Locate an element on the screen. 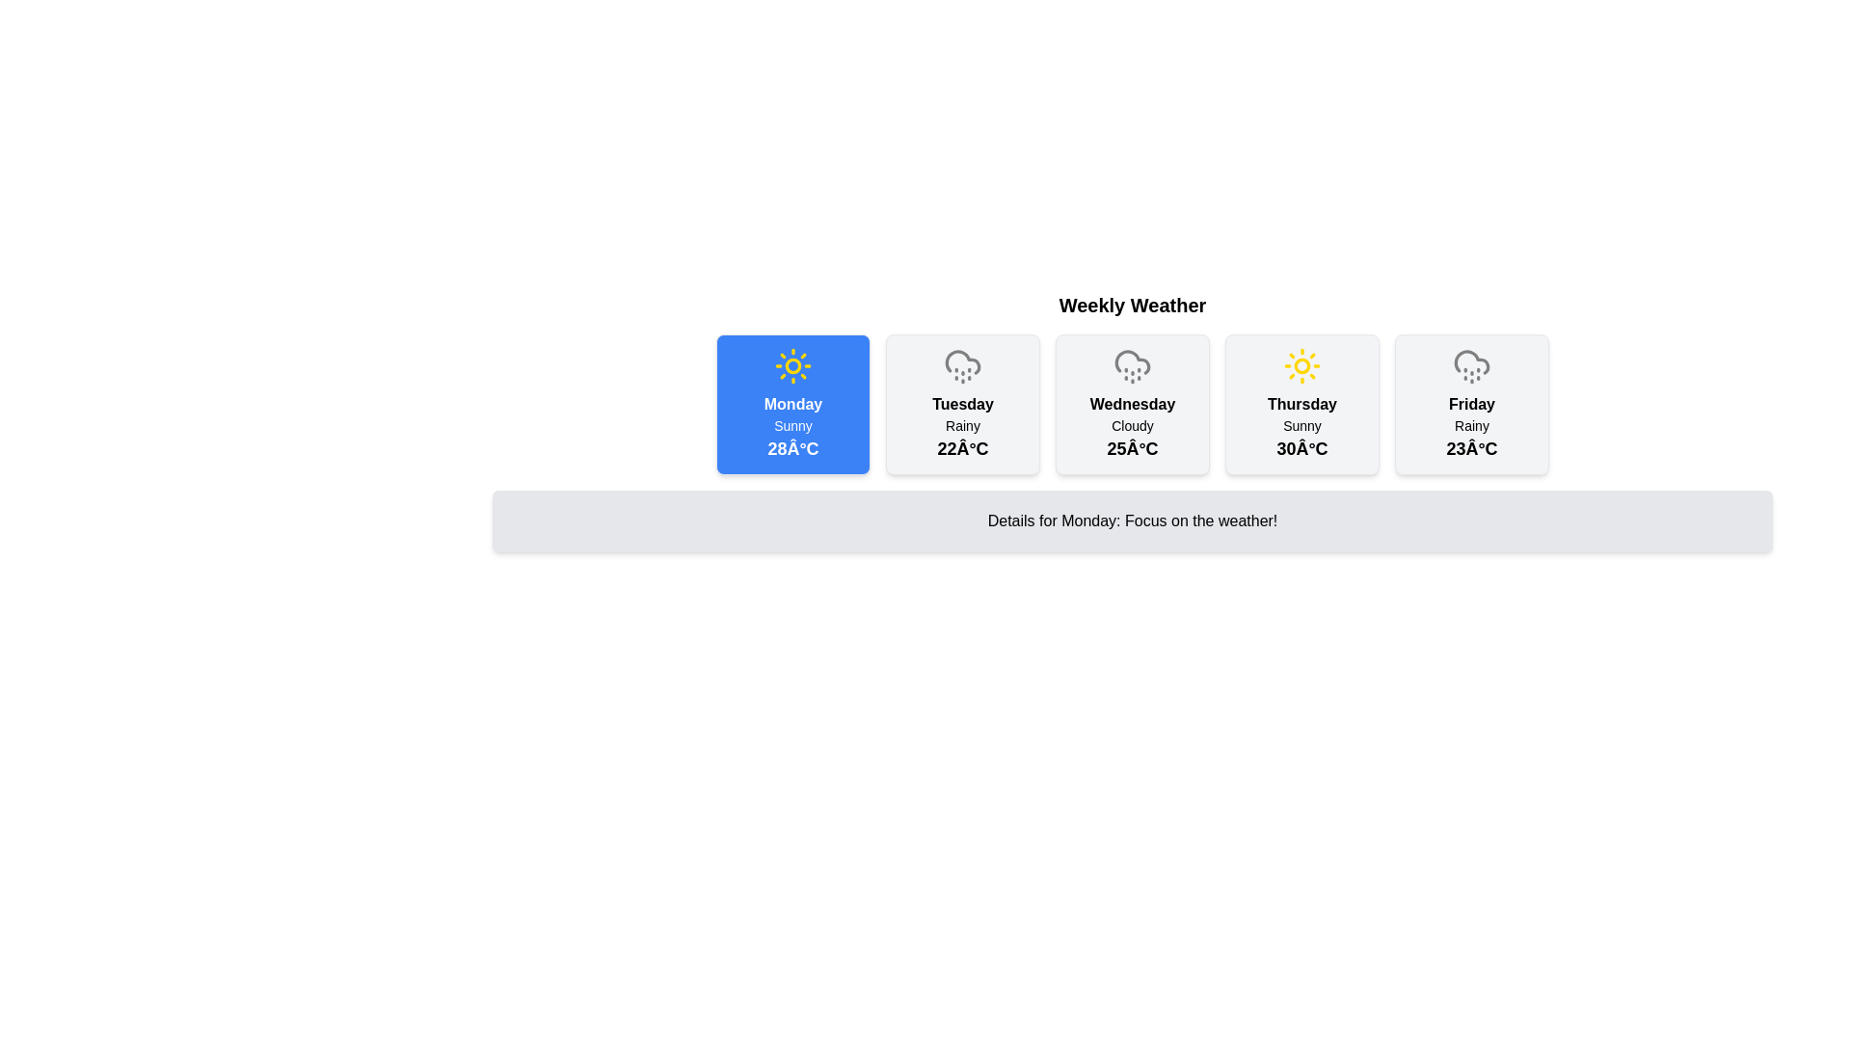 This screenshot has width=1851, height=1041. the weather icon representing a drizzly or rainy day located in the upper central area of the 'Friday Rainy 23°C' card is located at coordinates (1470, 366).